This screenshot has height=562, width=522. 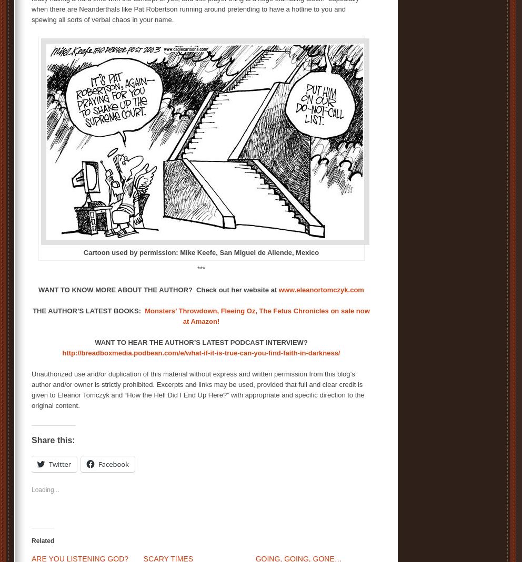 I want to click on 'Monsters’ Throwdown, Fleeing Oz, The Fetus Chronicles on sale now at Amazon!', so click(x=257, y=316).